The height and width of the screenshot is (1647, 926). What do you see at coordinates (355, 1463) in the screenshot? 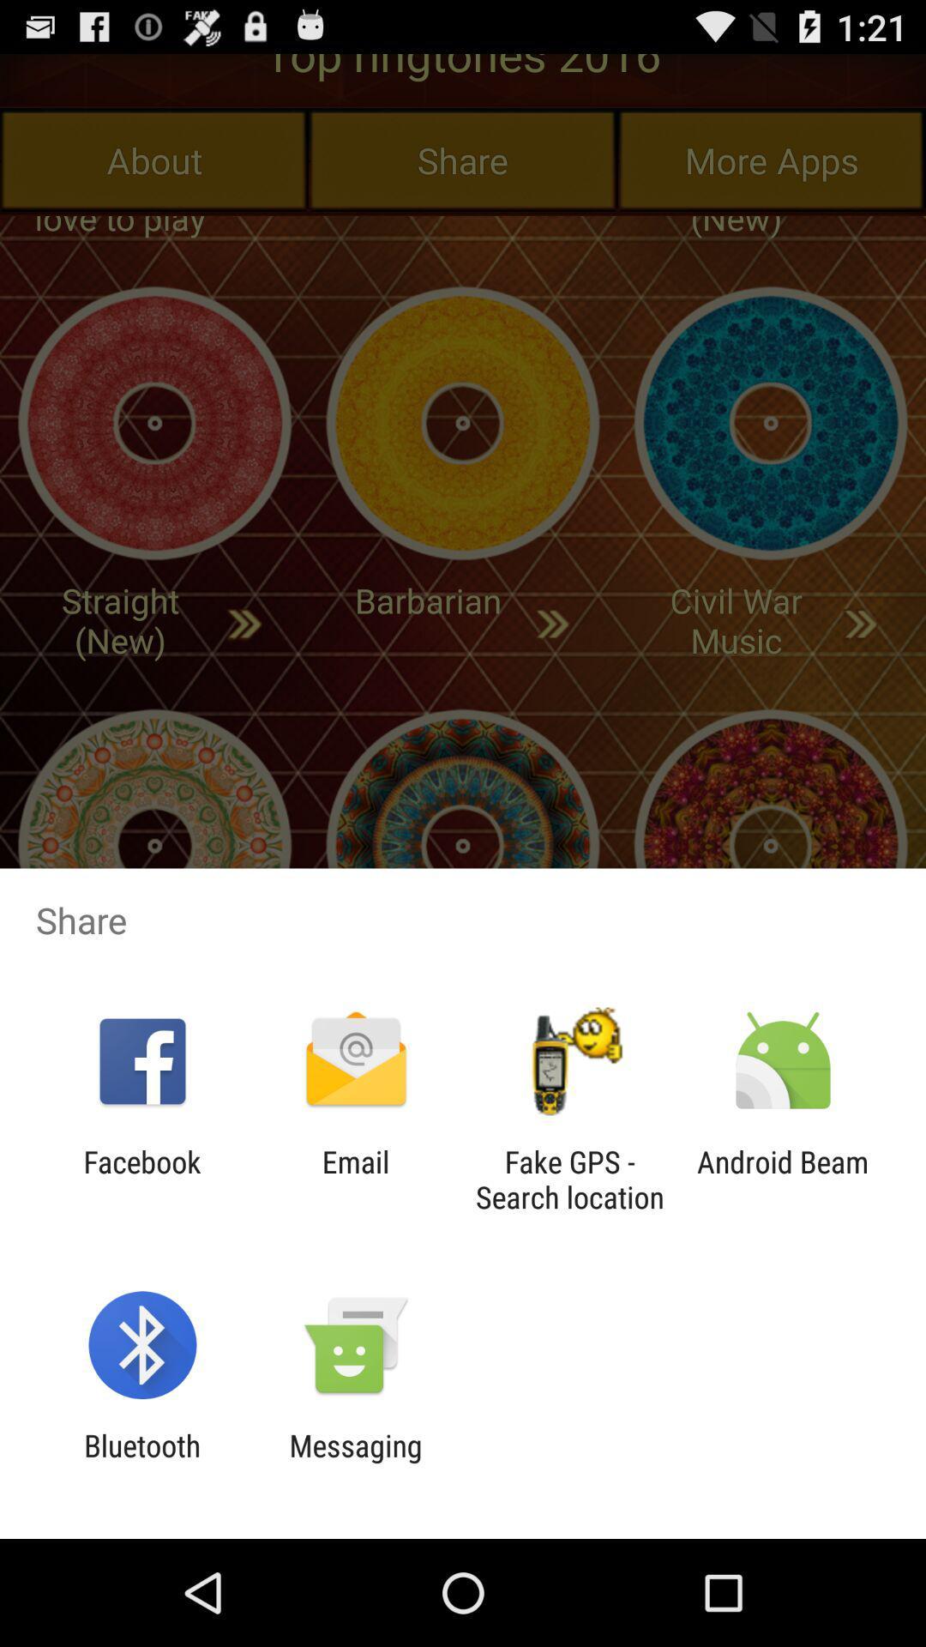
I see `messaging icon` at bounding box center [355, 1463].